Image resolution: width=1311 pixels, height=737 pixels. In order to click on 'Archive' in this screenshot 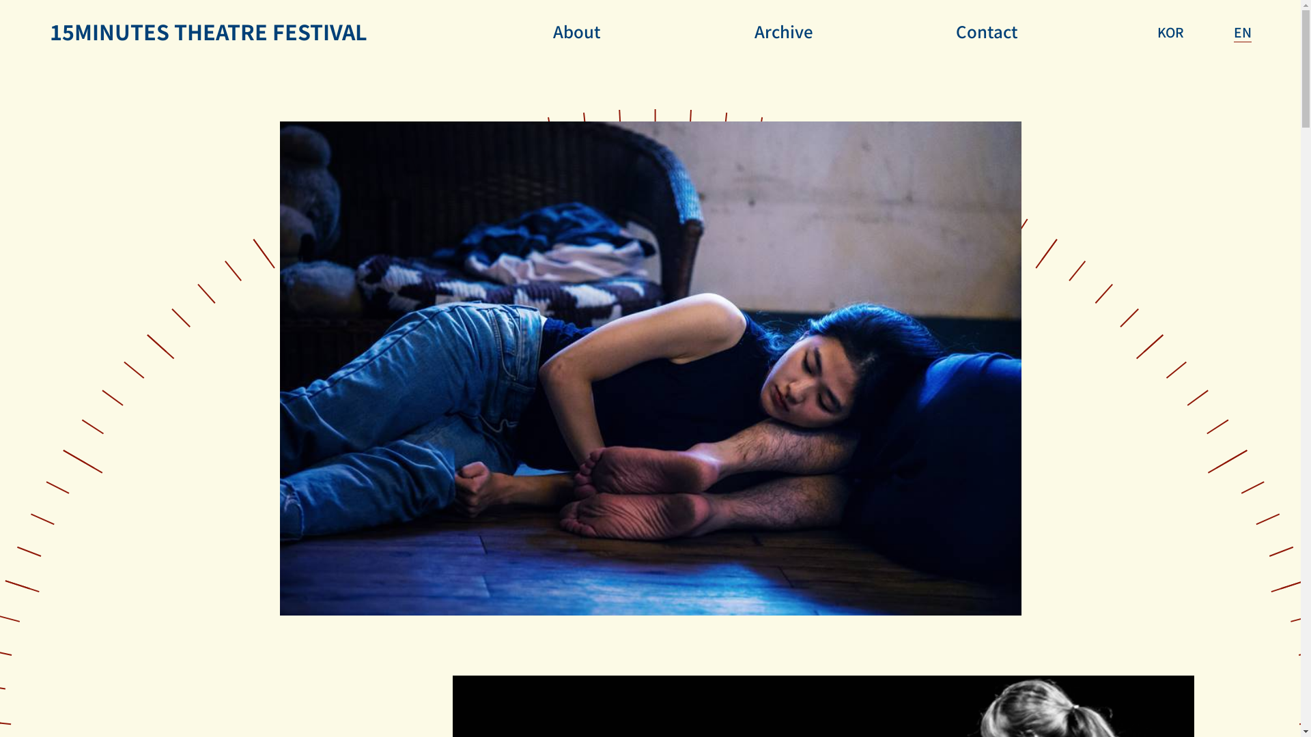, I will do `click(783, 31)`.